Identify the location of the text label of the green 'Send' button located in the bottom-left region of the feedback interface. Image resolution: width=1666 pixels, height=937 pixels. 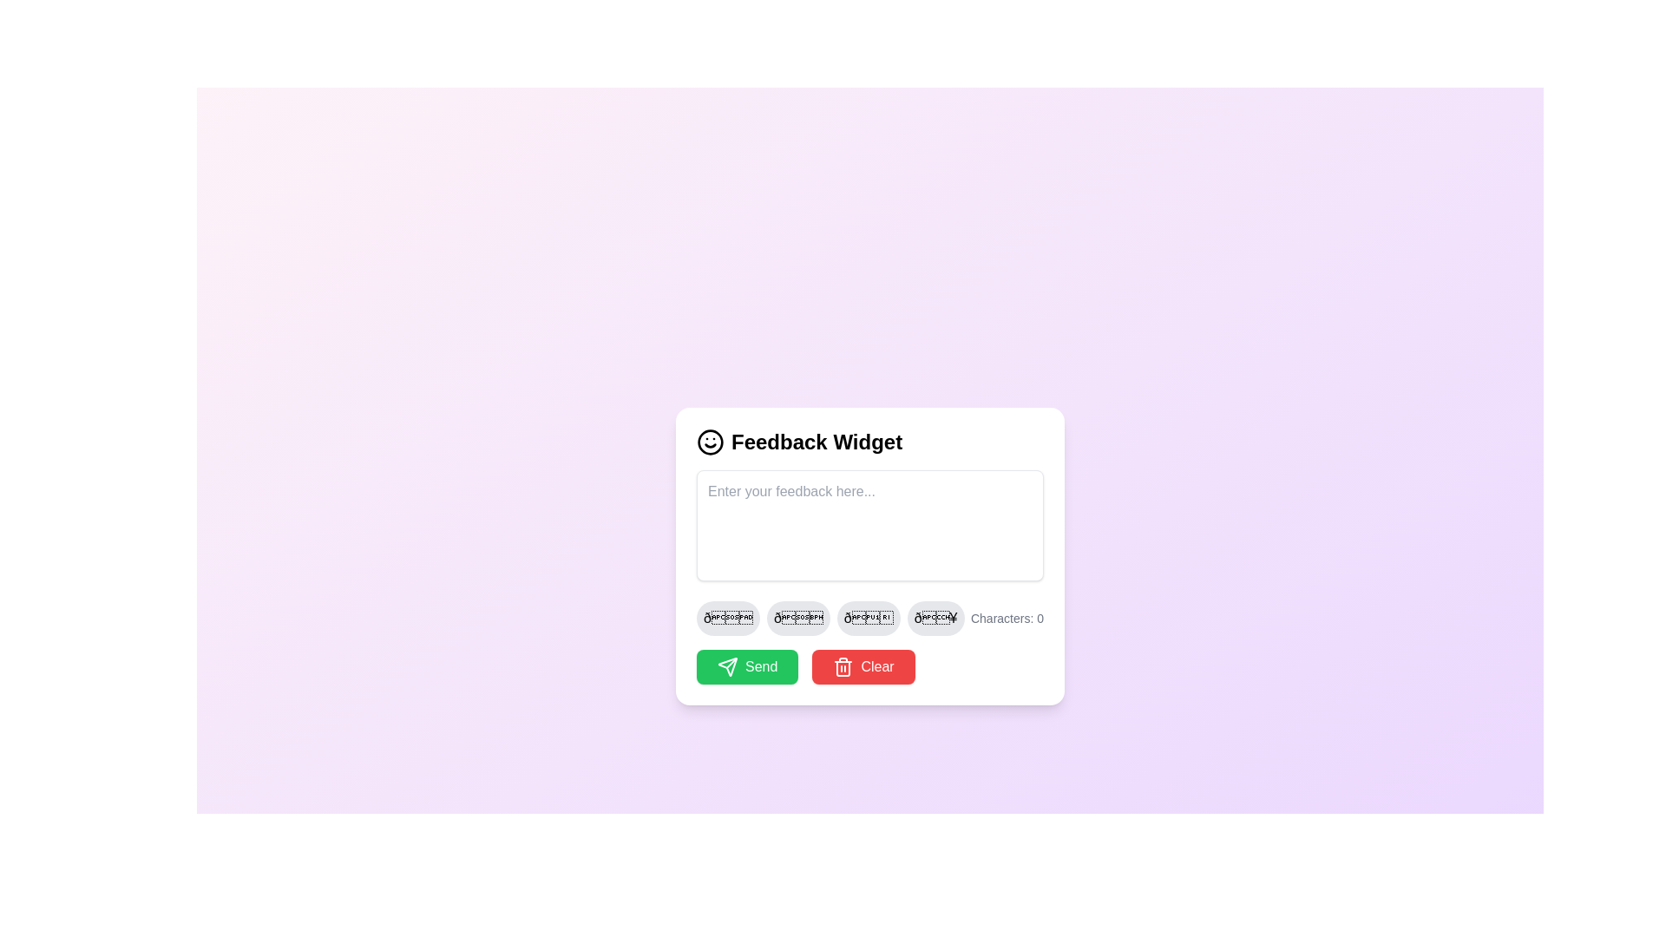
(761, 665).